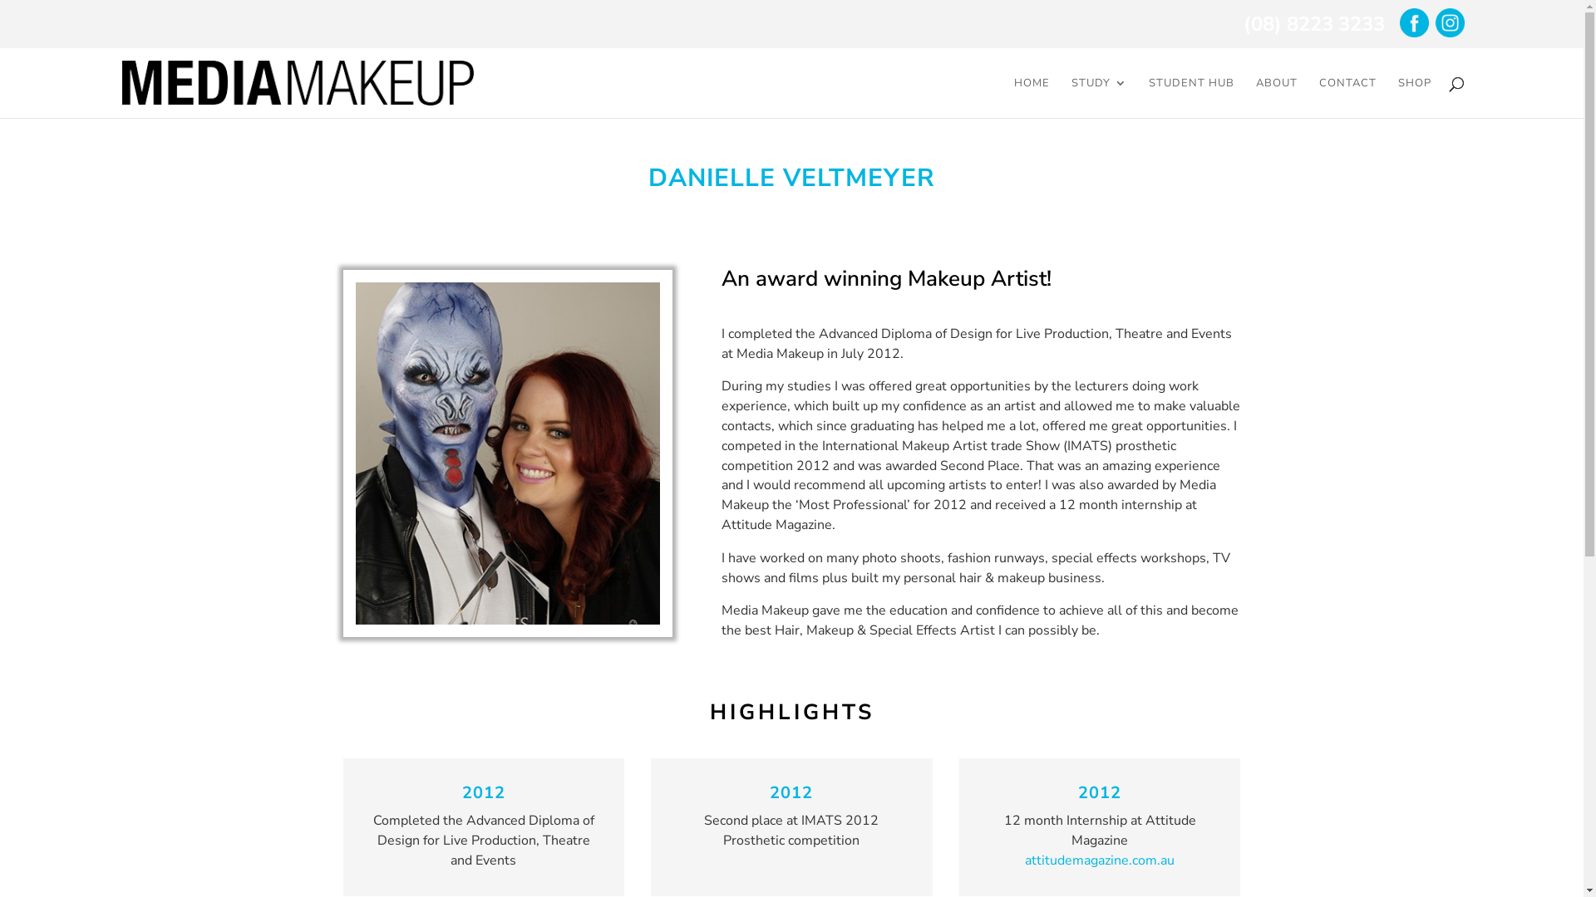 This screenshot has height=897, width=1596. I want to click on 'attitudemagazine.com.au', so click(1100, 860).